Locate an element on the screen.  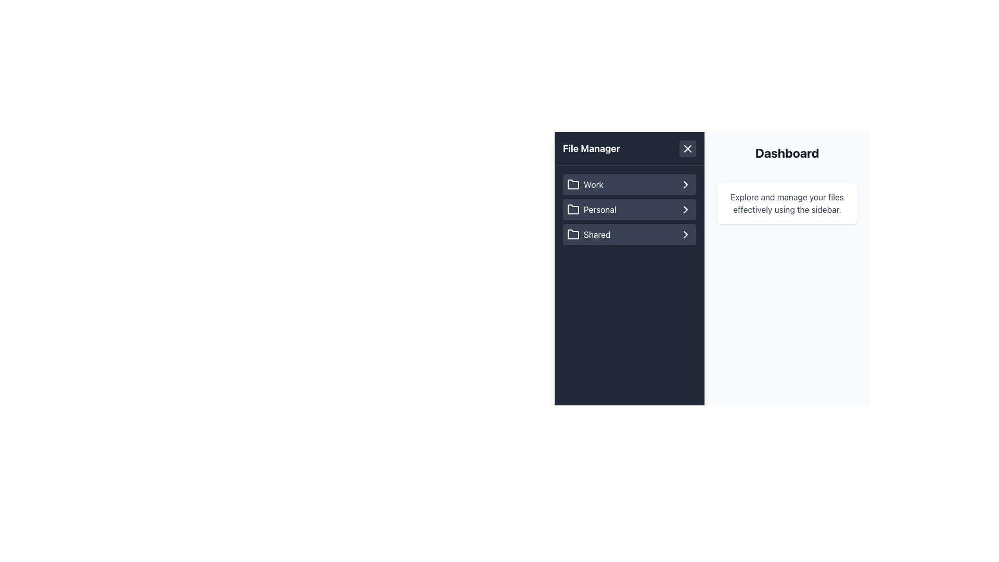
the prominently styled 'Dashboard' heading text, which is bold and dark gray on a white background is located at coordinates (787, 152).